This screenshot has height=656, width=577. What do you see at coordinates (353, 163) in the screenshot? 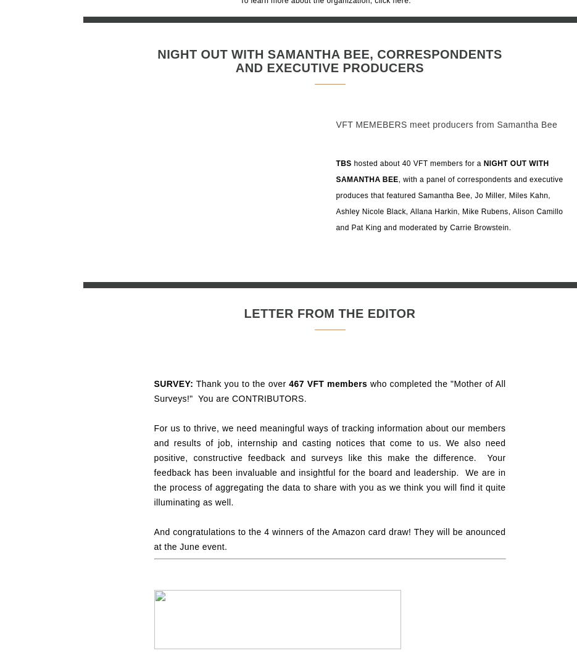
I see `'hosted about 40 VFT members for a'` at bounding box center [353, 163].